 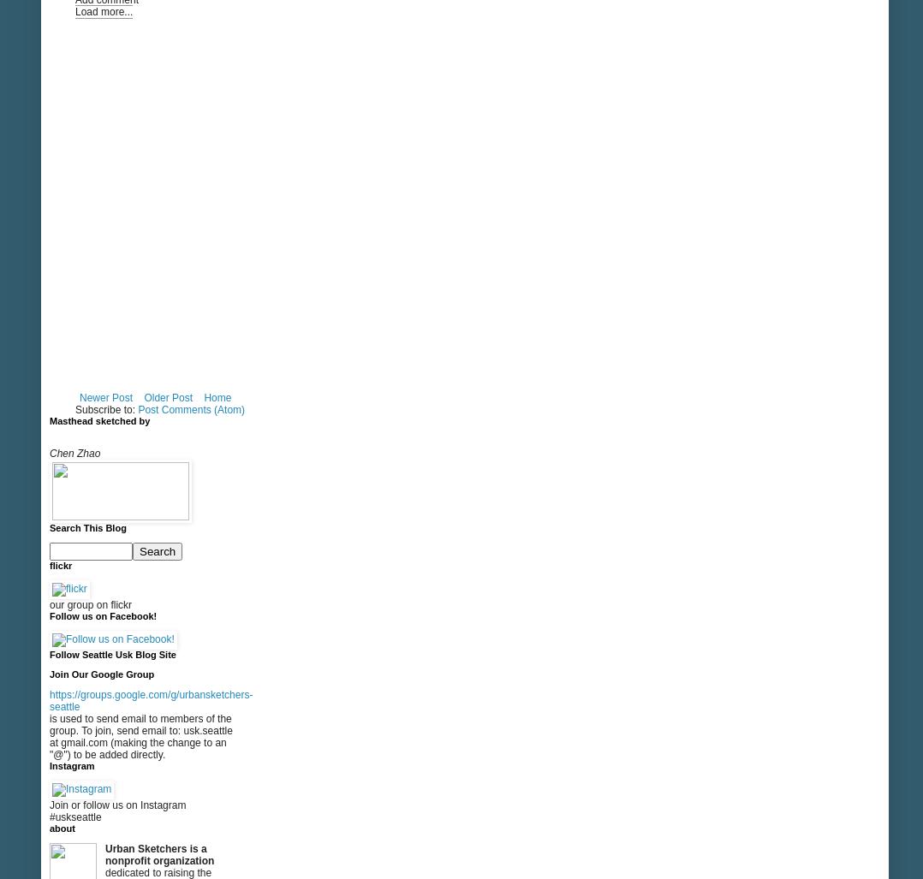 What do you see at coordinates (105, 398) in the screenshot?
I see `'Newer Post'` at bounding box center [105, 398].